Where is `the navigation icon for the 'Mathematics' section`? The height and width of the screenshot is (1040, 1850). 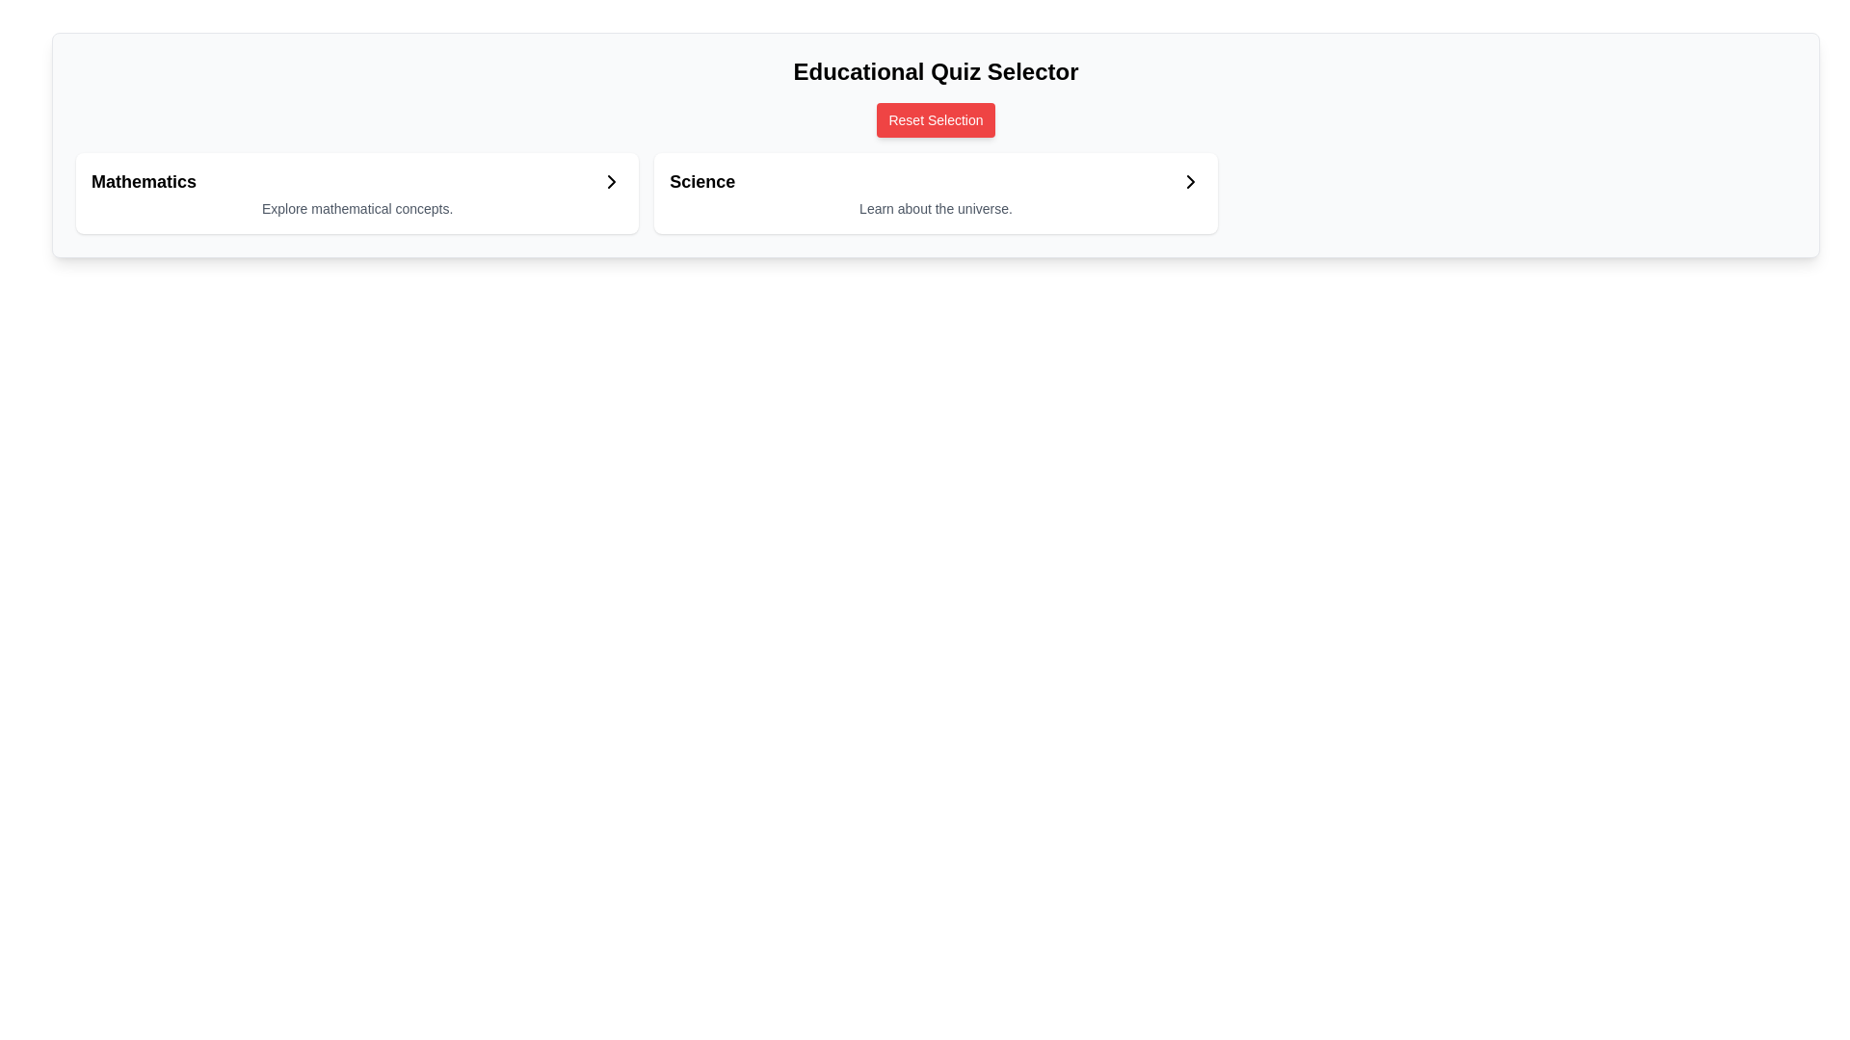 the navigation icon for the 'Mathematics' section is located at coordinates (611, 182).